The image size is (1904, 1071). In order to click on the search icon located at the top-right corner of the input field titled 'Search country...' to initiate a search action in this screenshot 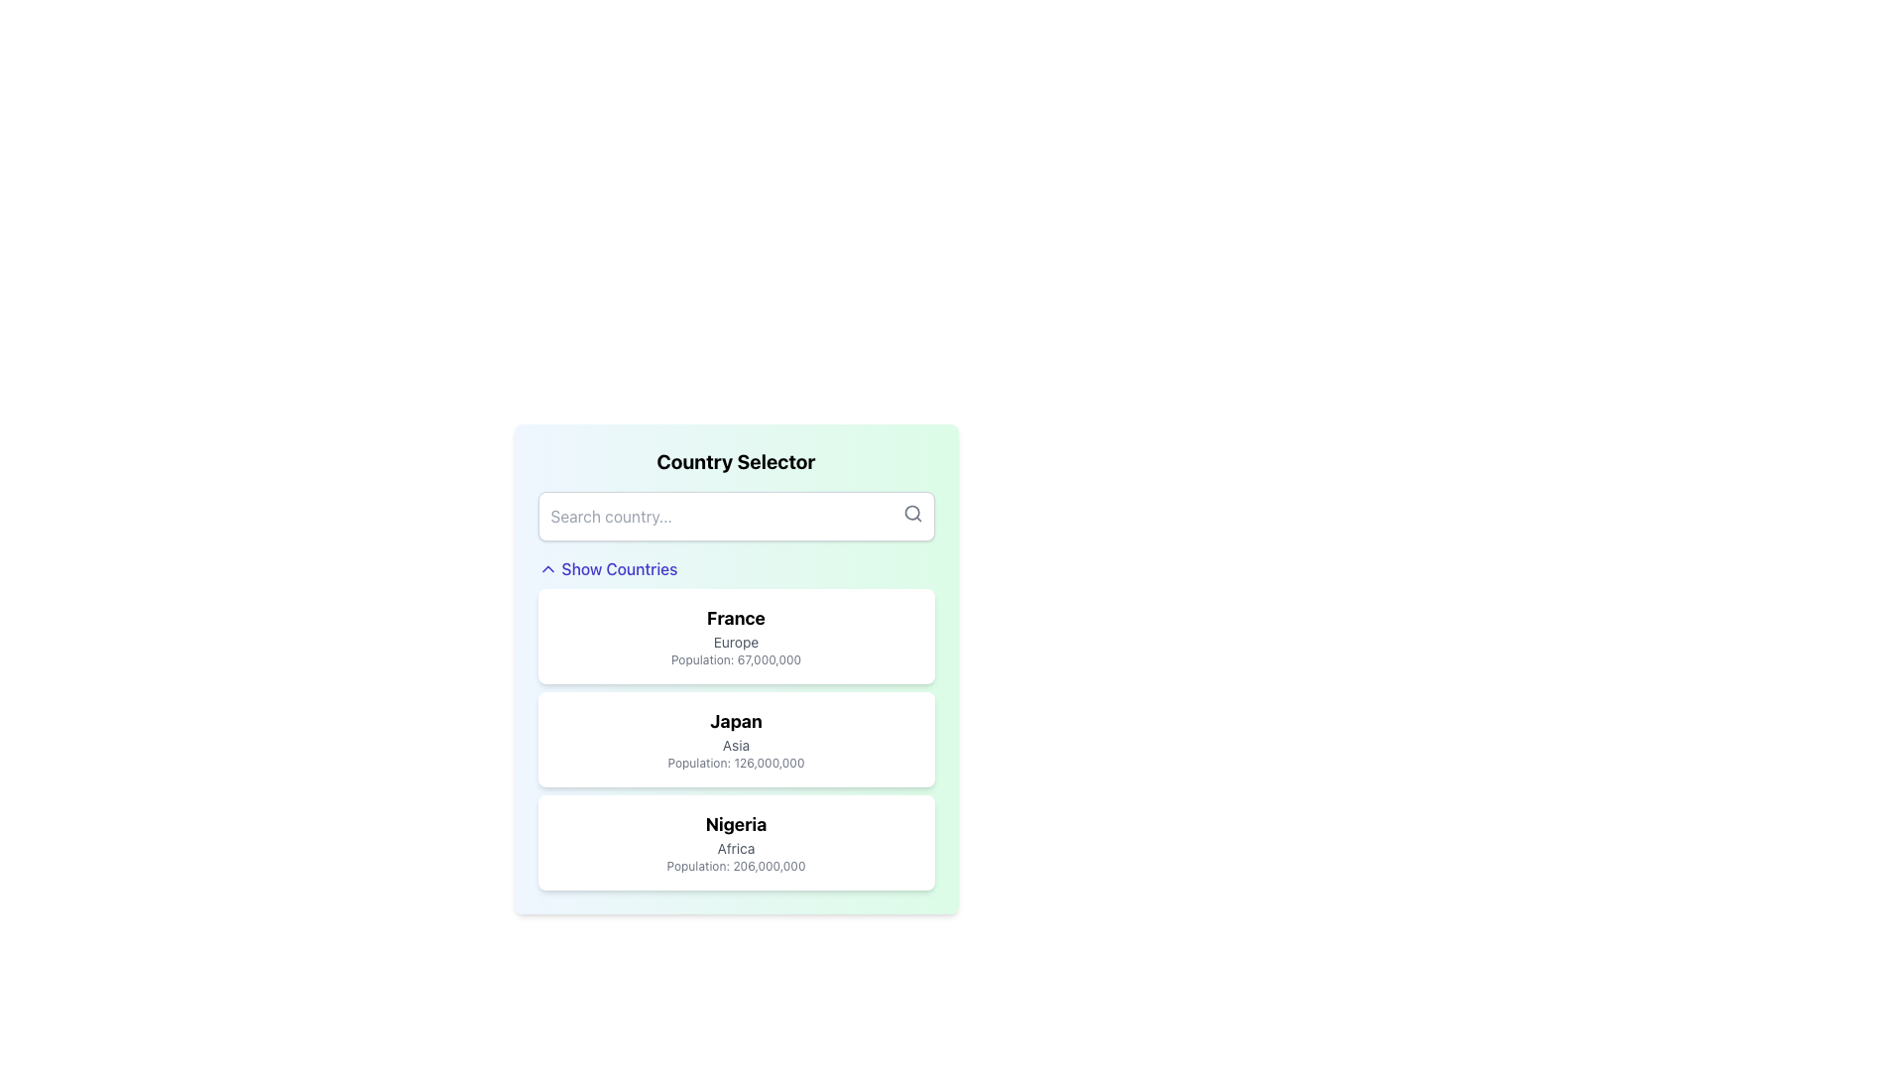, I will do `click(911, 512)`.